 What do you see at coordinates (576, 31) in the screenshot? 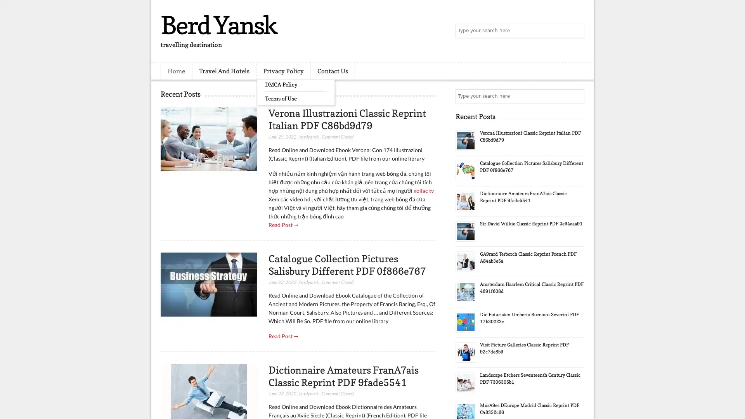
I see `Search` at bounding box center [576, 31].